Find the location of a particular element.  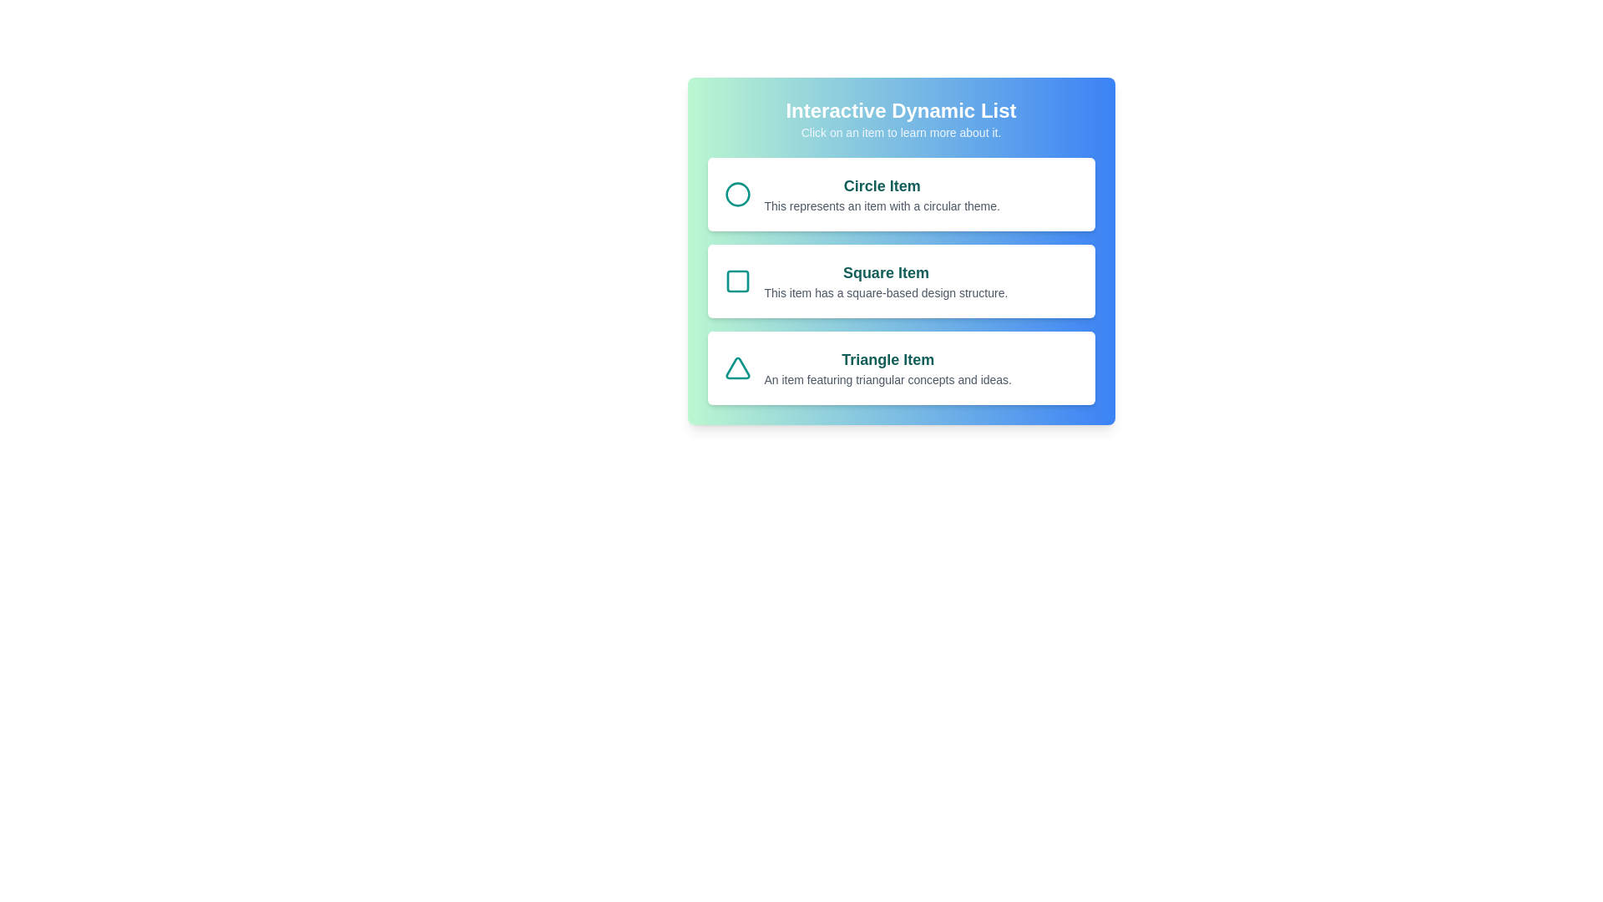

the 'Triangle Item' to learn more about it is located at coordinates (900, 367).